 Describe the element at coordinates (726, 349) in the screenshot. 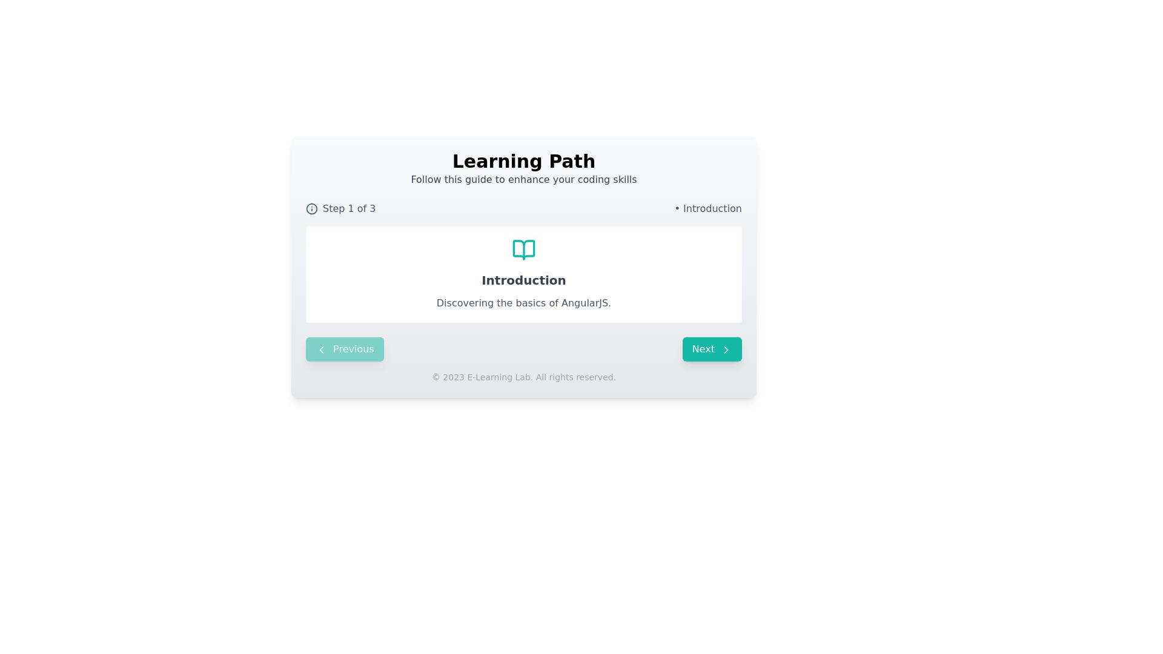

I see `the chevron icon indicating directionality within the 'Next' button` at that location.